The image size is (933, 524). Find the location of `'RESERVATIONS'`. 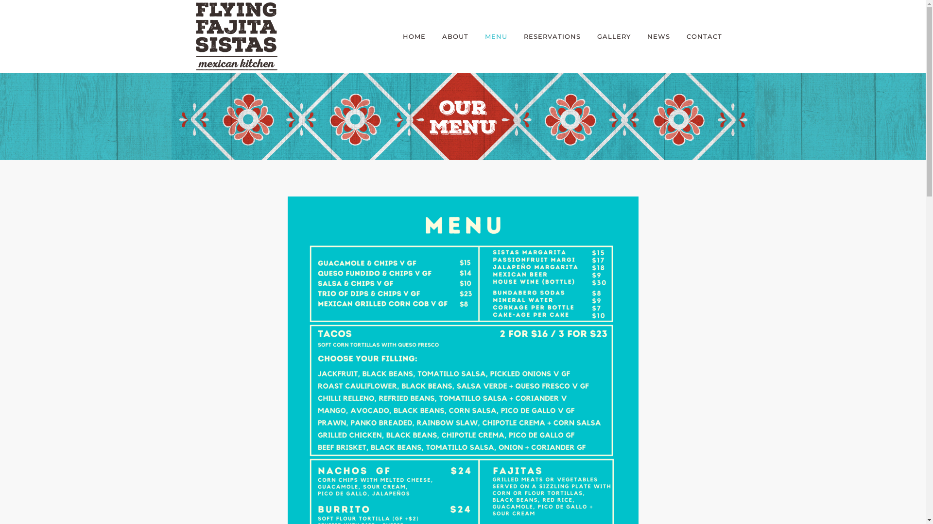

'RESERVATIONS' is located at coordinates (552, 35).